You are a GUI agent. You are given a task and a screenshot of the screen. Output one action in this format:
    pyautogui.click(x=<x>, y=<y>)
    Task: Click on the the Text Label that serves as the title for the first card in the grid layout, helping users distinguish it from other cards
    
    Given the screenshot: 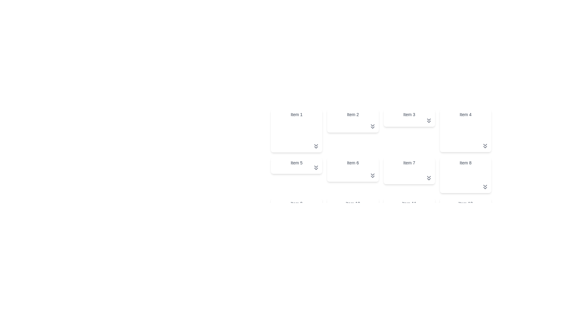 What is the action you would take?
    pyautogui.click(x=297, y=114)
    